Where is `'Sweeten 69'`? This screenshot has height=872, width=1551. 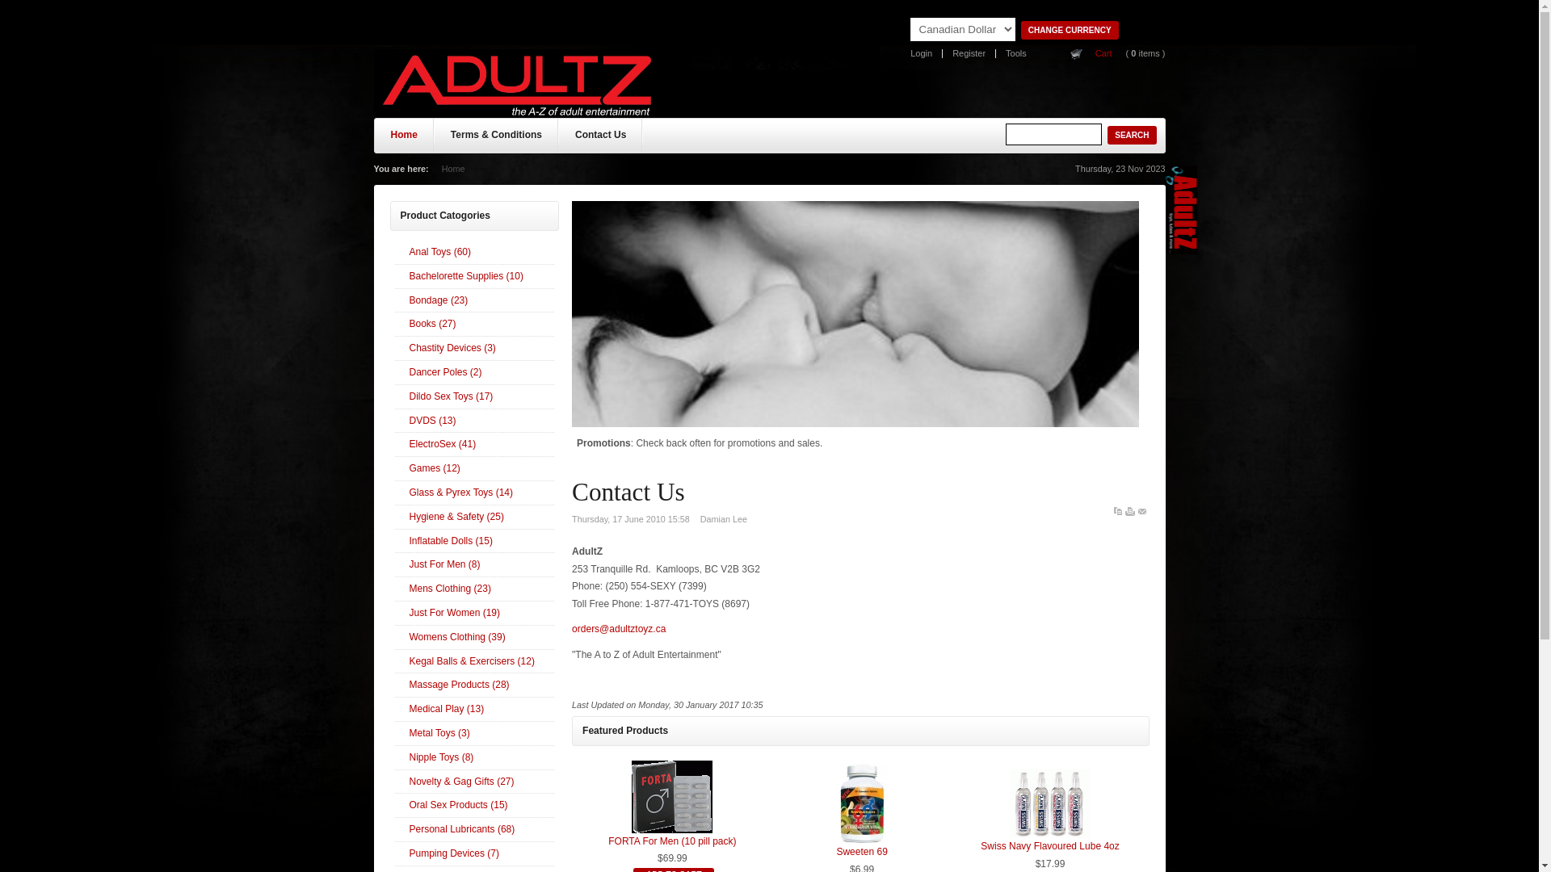
'Sweeten 69' is located at coordinates (861, 840).